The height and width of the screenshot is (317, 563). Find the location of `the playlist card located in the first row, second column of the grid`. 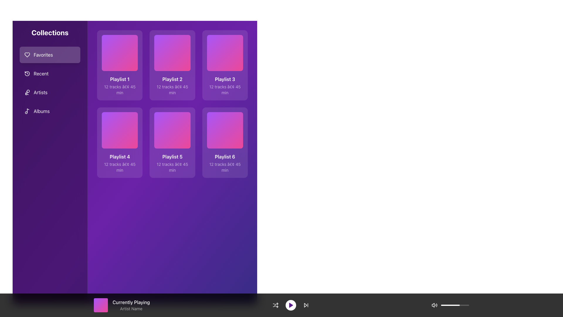

the playlist card located in the first row, second column of the grid is located at coordinates (172, 65).